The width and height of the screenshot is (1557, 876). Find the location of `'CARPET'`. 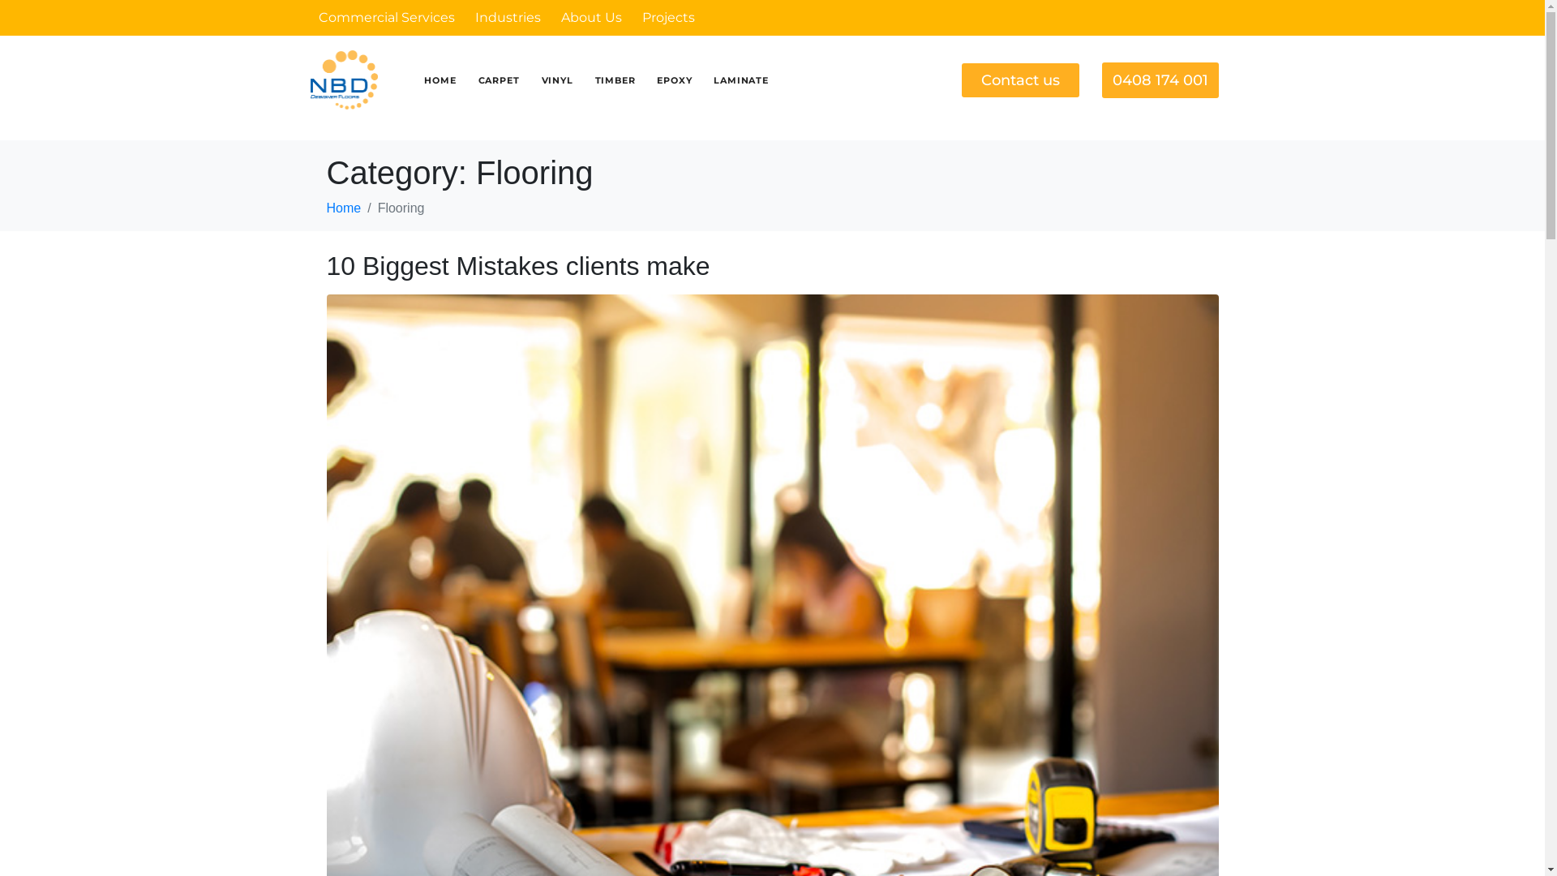

'CARPET' is located at coordinates (498, 80).